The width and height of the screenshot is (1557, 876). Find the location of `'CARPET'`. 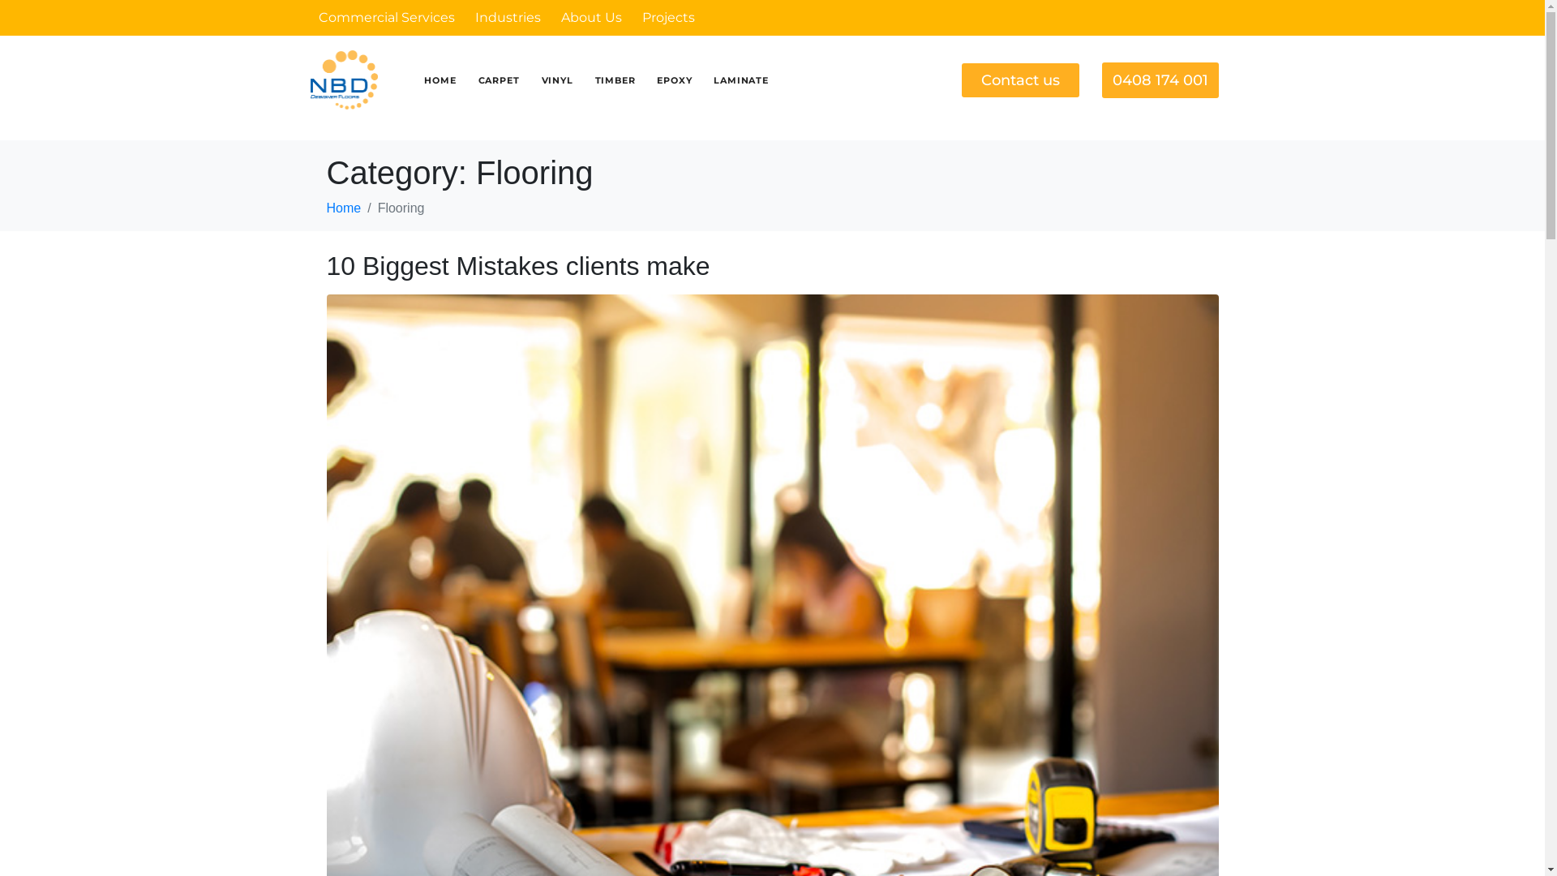

'CARPET' is located at coordinates (498, 80).